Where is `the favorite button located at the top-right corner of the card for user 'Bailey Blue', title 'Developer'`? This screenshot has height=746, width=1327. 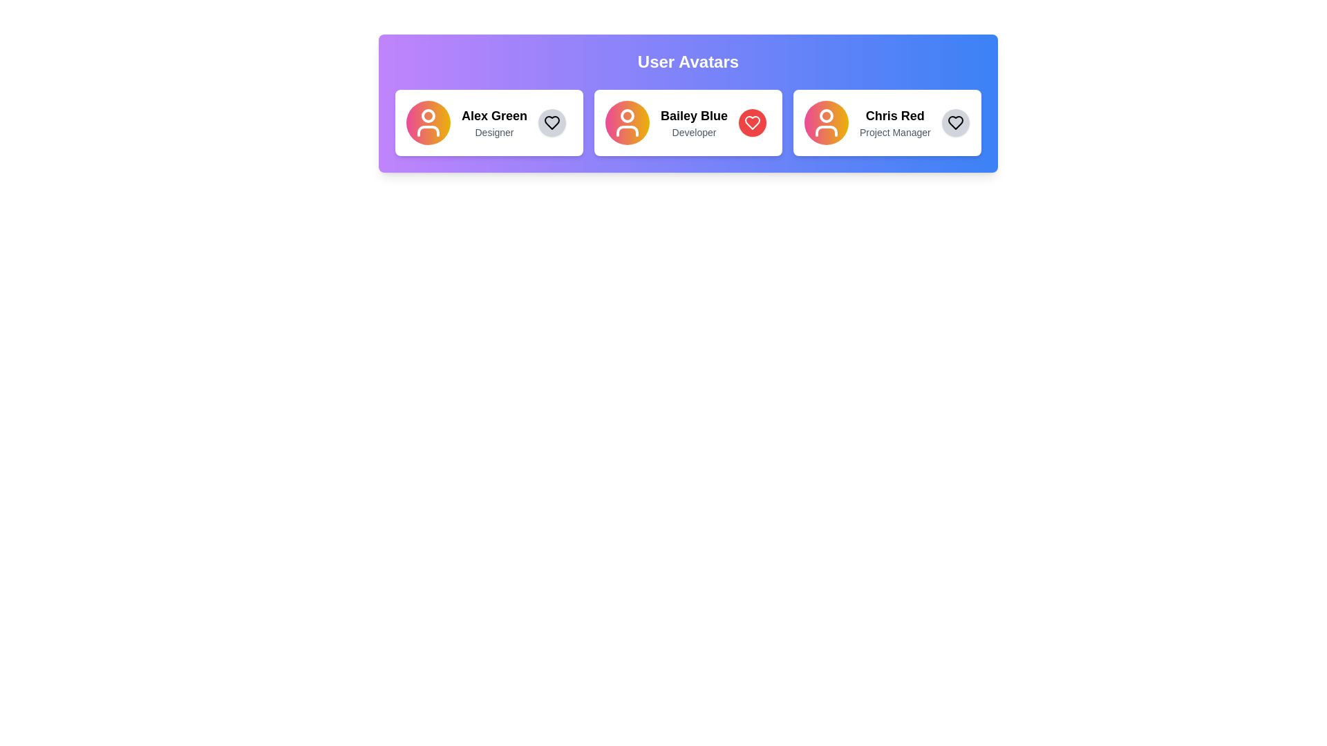
the favorite button located at the top-right corner of the card for user 'Bailey Blue', title 'Developer' is located at coordinates (752, 122).